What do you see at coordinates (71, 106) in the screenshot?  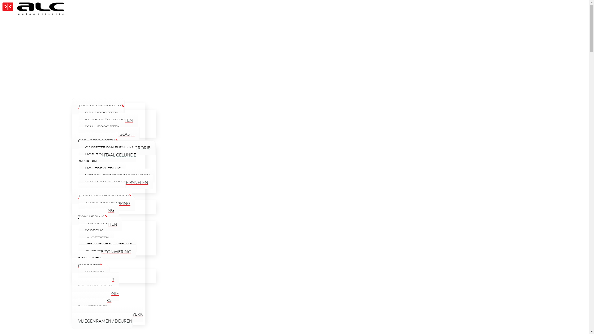 I see `'TOEGANGSPOORTEN'` at bounding box center [71, 106].